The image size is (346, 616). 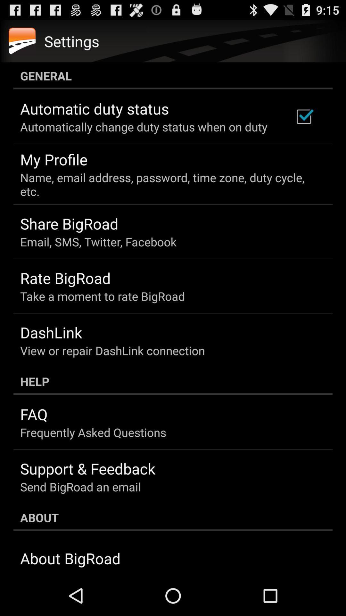 What do you see at coordinates (69, 224) in the screenshot?
I see `share bigroad icon` at bounding box center [69, 224].